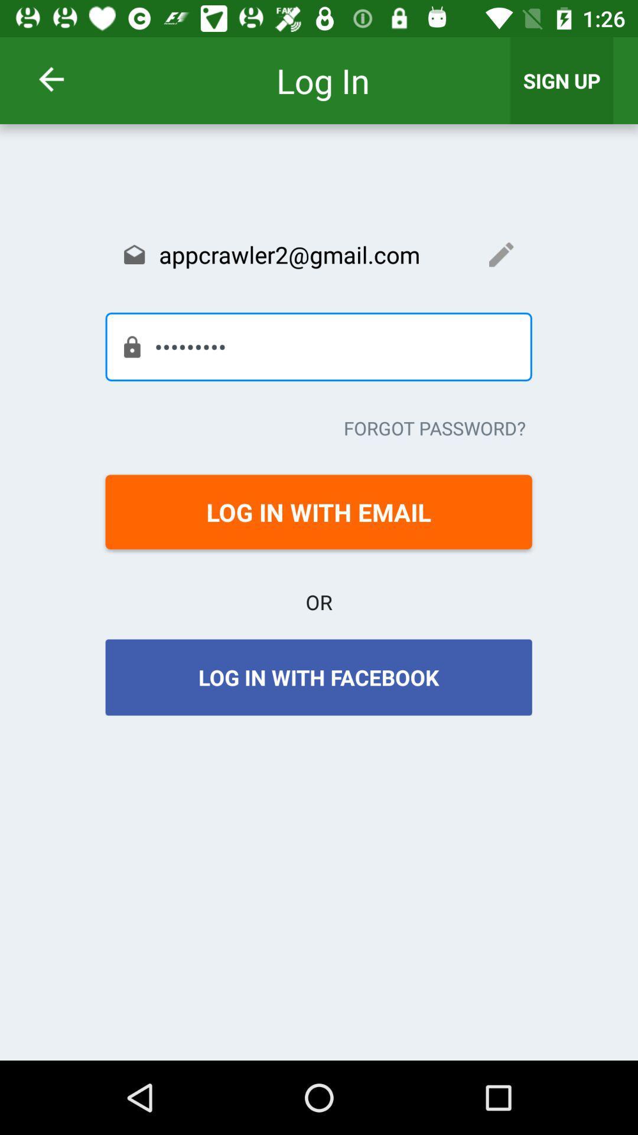 The image size is (638, 1135). I want to click on the icon above the appcrawler2@gmail.com item, so click(561, 80).